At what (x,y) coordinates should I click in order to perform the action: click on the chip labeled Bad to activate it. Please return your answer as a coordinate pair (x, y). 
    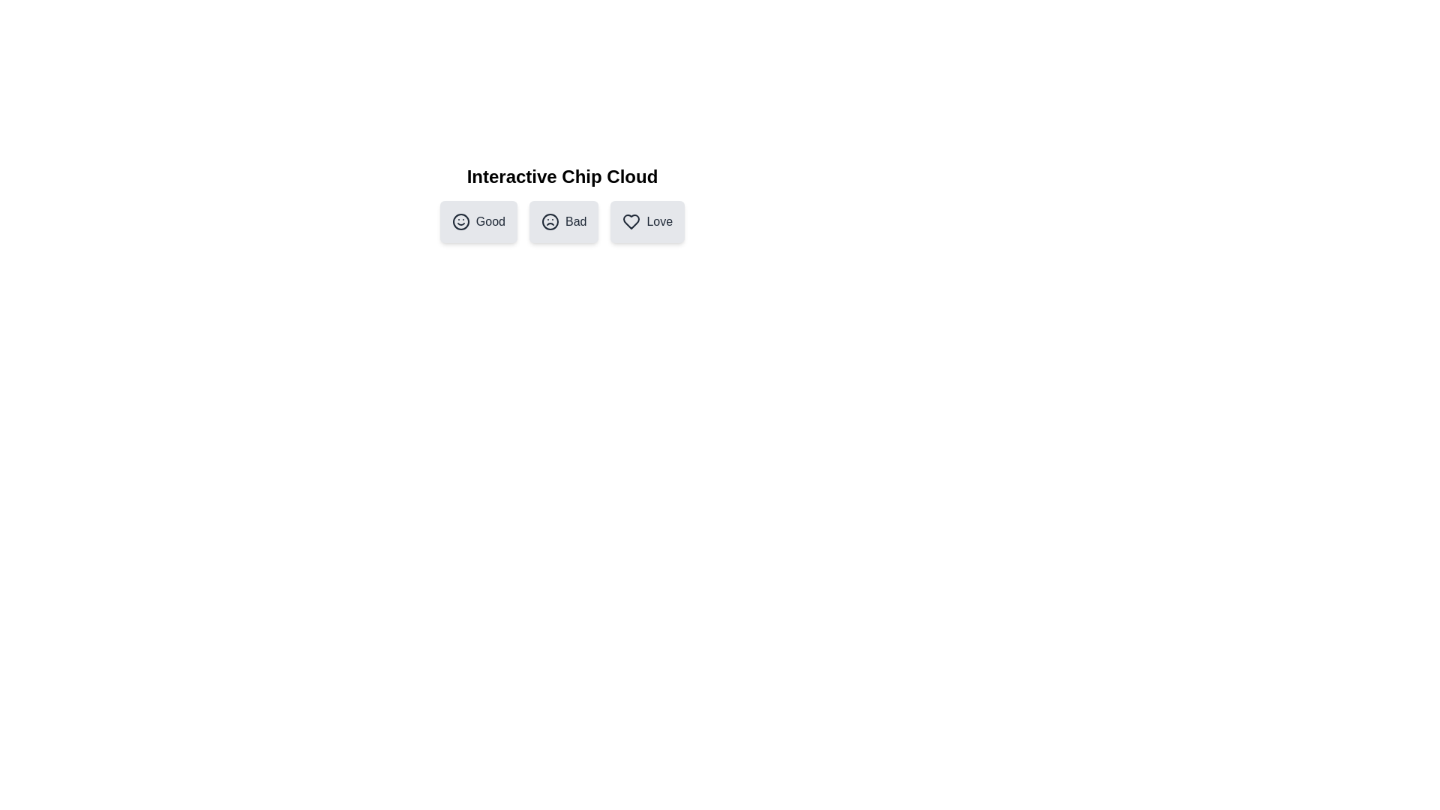
    Looking at the image, I should click on (563, 222).